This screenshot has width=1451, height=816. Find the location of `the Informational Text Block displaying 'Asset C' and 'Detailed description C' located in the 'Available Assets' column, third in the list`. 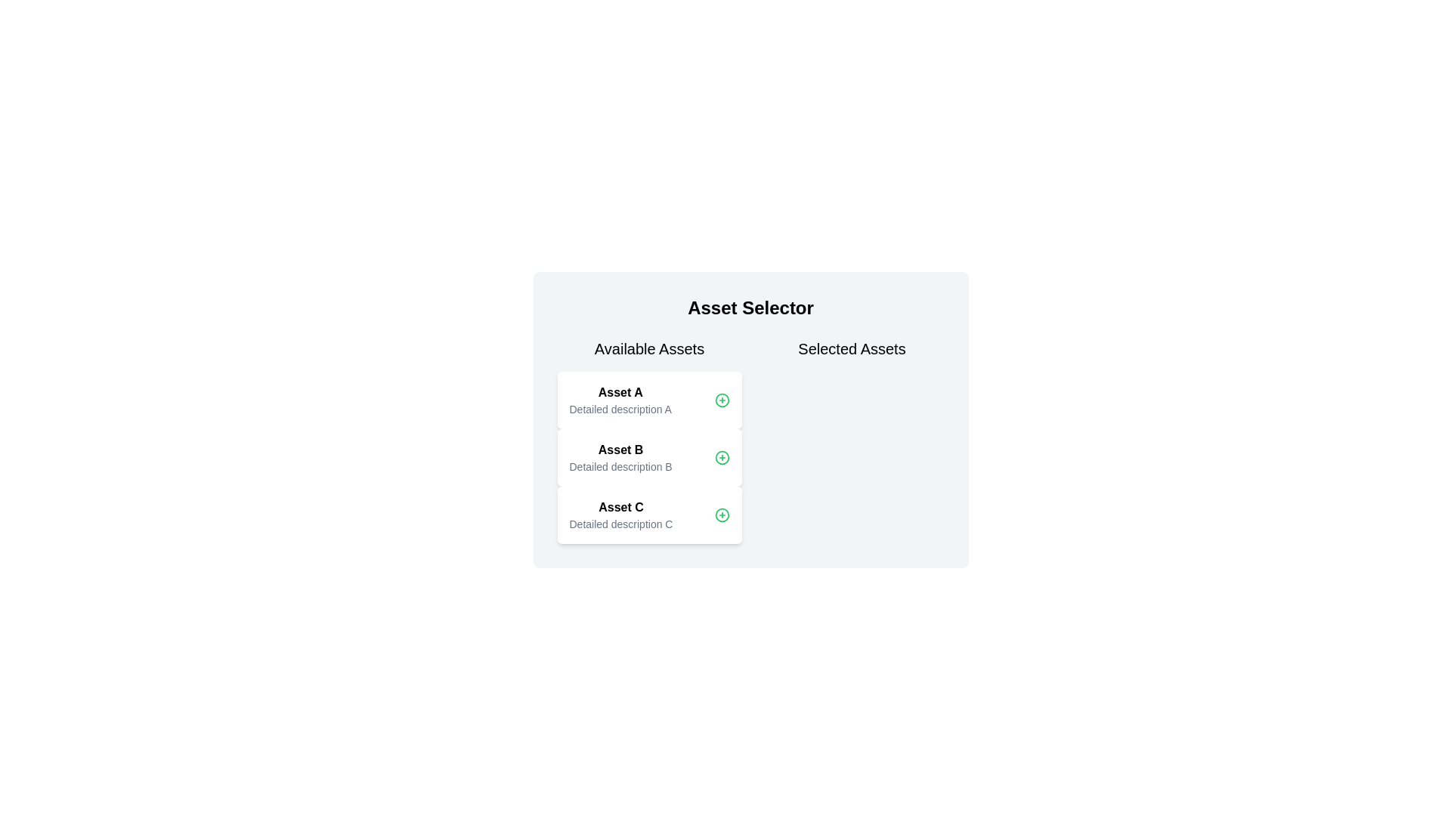

the Informational Text Block displaying 'Asset C' and 'Detailed description C' located in the 'Available Assets' column, third in the list is located at coordinates (620, 515).